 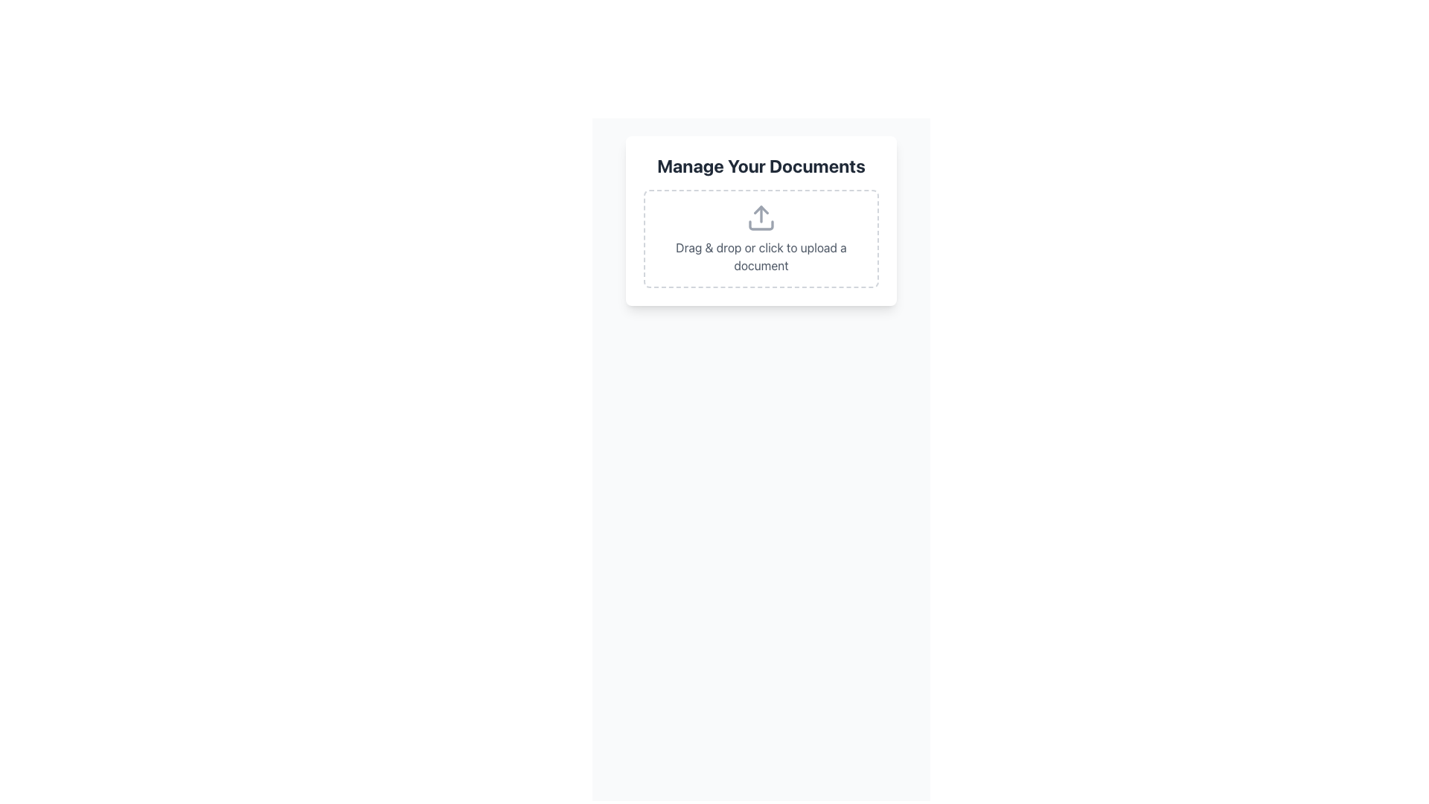 I want to click on the bottom part of the gray folder icon within the dashed rectangular box under the label 'Manage Your Documents', so click(x=761, y=226).